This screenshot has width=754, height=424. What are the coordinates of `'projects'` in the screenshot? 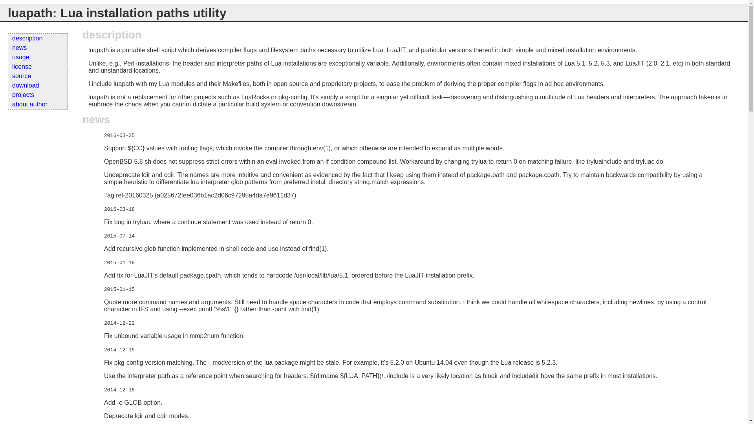 It's located at (37, 95).